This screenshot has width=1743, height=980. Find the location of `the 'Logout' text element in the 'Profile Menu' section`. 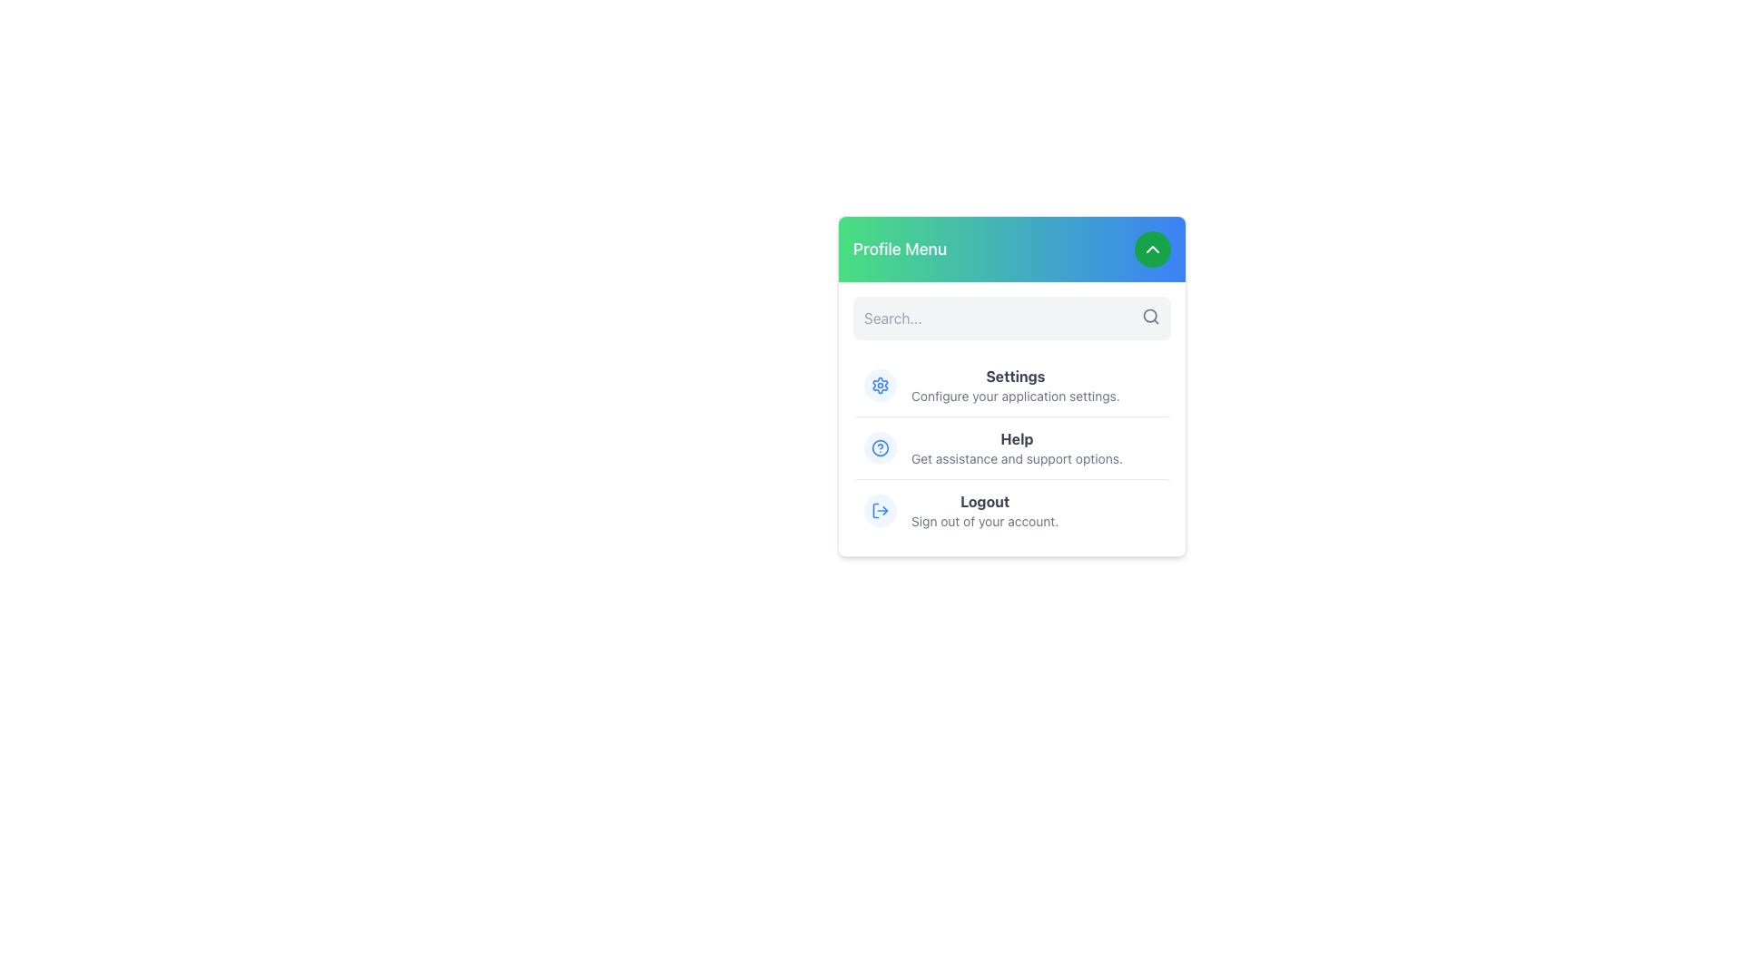

the 'Logout' text element in the 'Profile Menu' section is located at coordinates (984, 511).